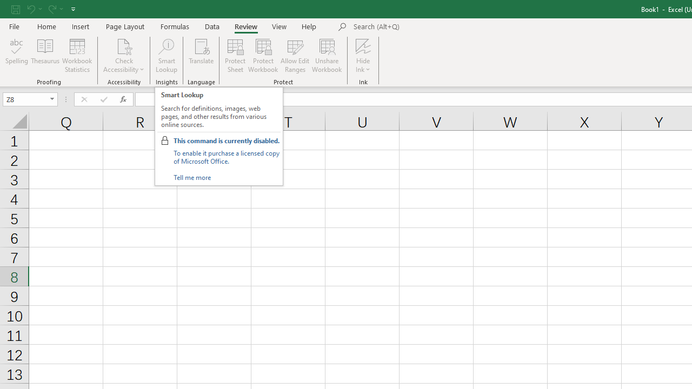 The image size is (692, 389). I want to click on 'Check Accessibility', so click(124, 56).